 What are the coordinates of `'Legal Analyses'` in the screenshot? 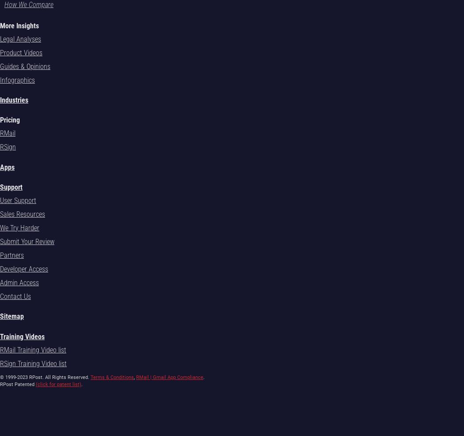 It's located at (20, 38).